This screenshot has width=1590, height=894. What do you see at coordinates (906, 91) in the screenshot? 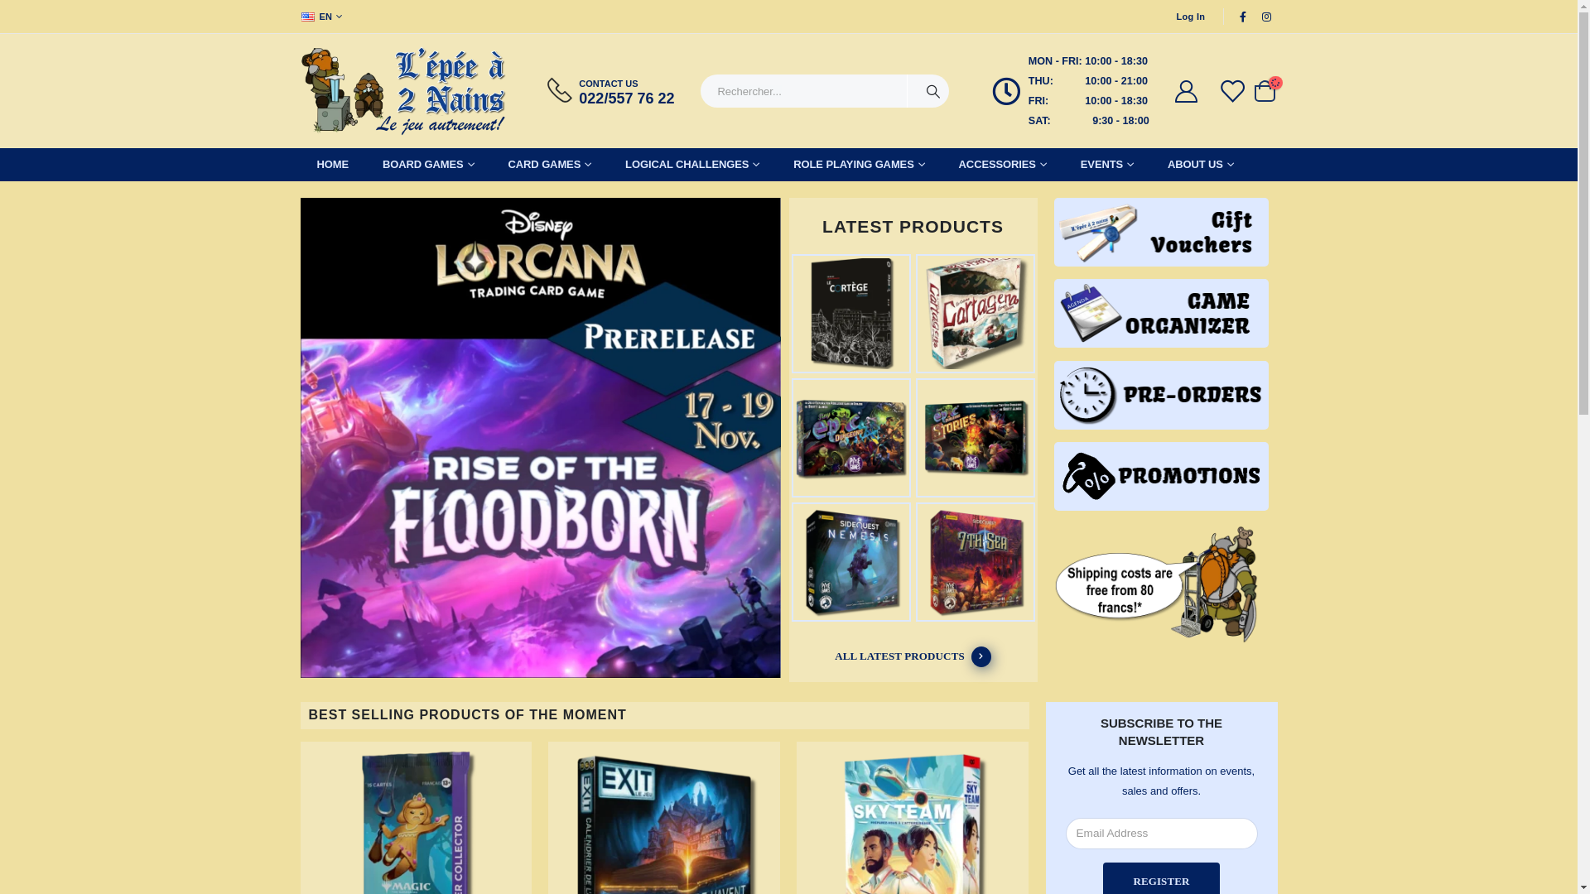
I see `'Search'` at bounding box center [906, 91].